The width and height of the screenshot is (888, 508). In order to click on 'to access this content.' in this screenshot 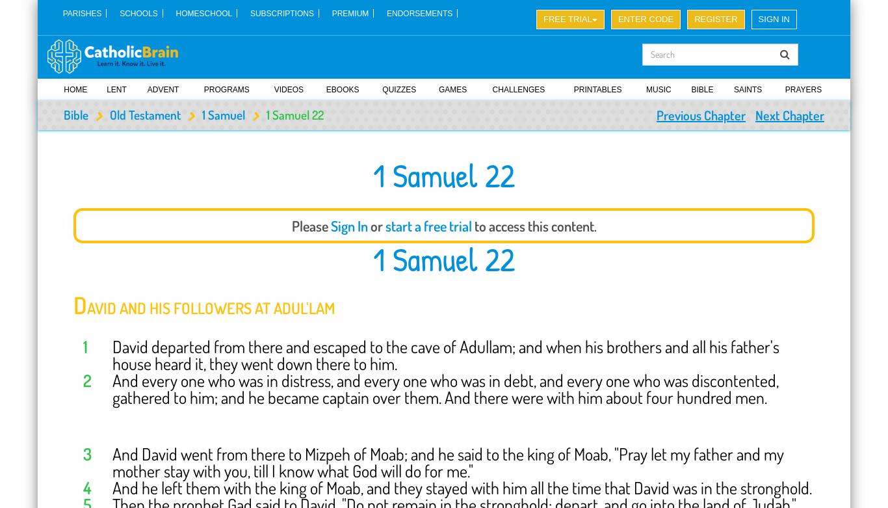, I will do `click(471, 225)`.